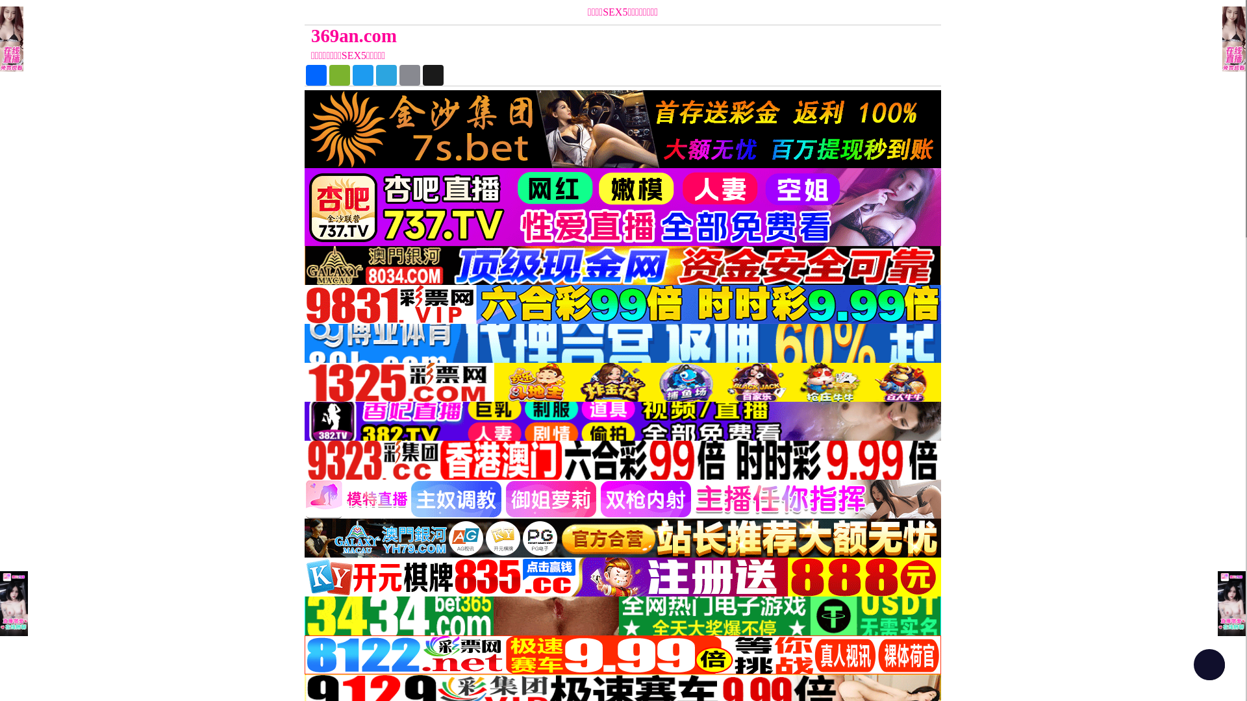 The height and width of the screenshot is (701, 1247). I want to click on 'Twitter', so click(351, 75).